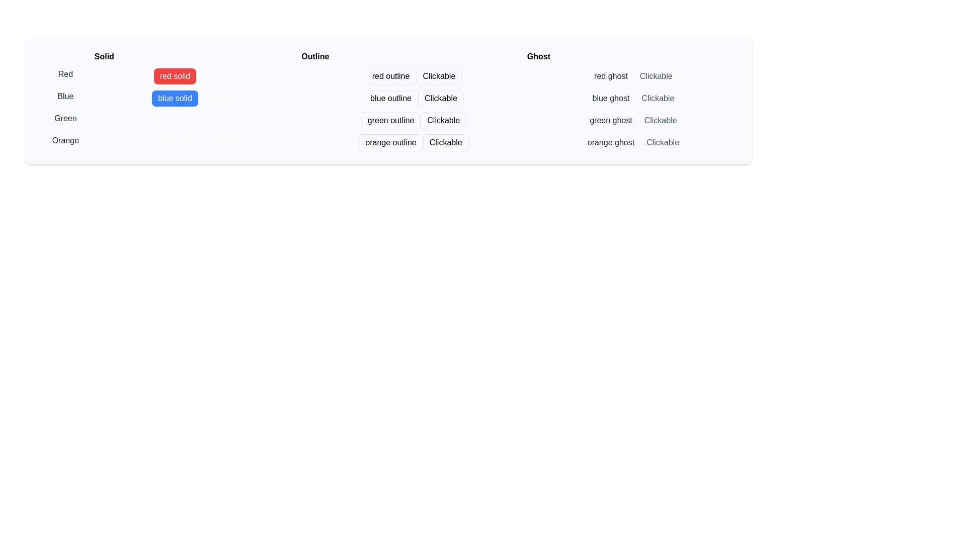  I want to click on the text label that features 'blue ghost' and 'Clickable' in the second row of the 'Ghost' column, so click(632, 97).